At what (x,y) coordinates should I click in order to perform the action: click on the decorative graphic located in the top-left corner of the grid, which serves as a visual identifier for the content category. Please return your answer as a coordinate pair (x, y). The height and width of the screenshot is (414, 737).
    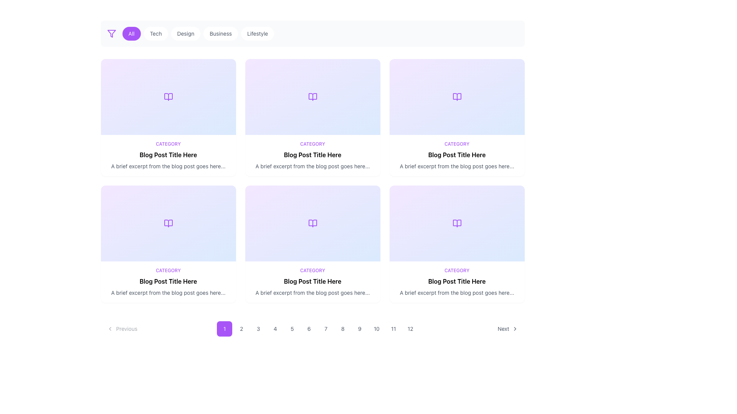
    Looking at the image, I should click on (168, 97).